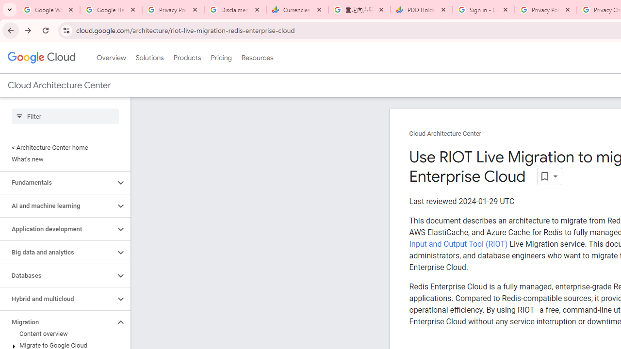  I want to click on 'Solutions', so click(149, 58).